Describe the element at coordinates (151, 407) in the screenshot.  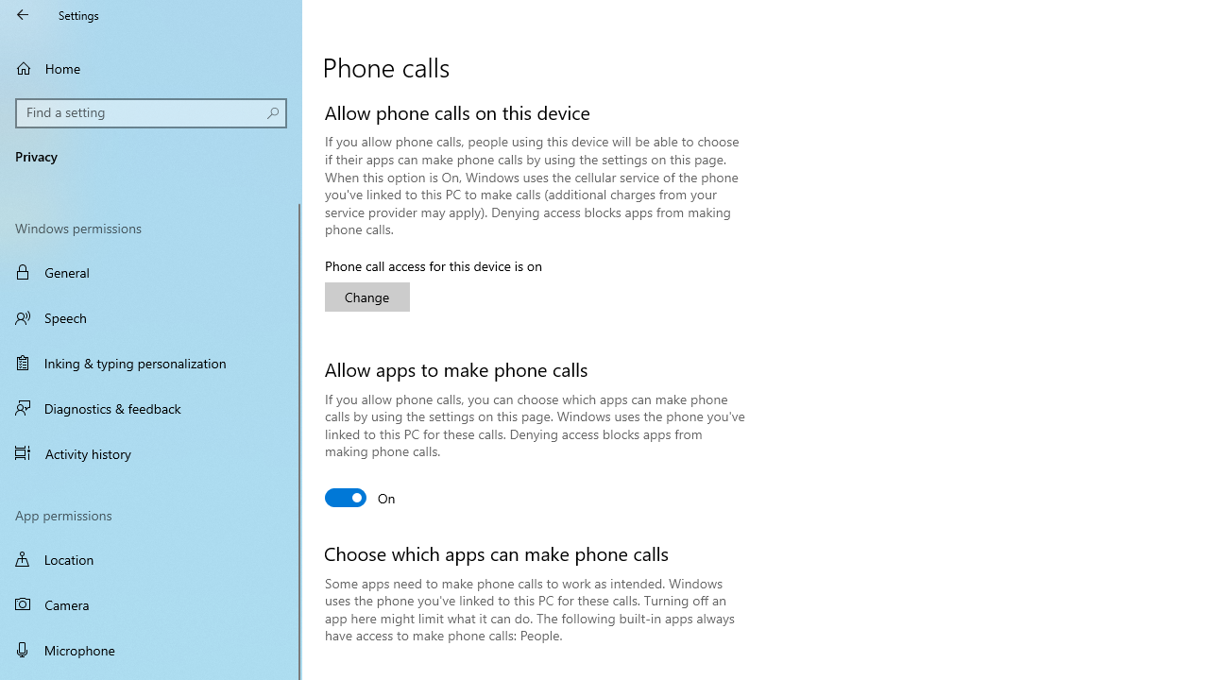
I see `'Diagnostics & feedback'` at that location.